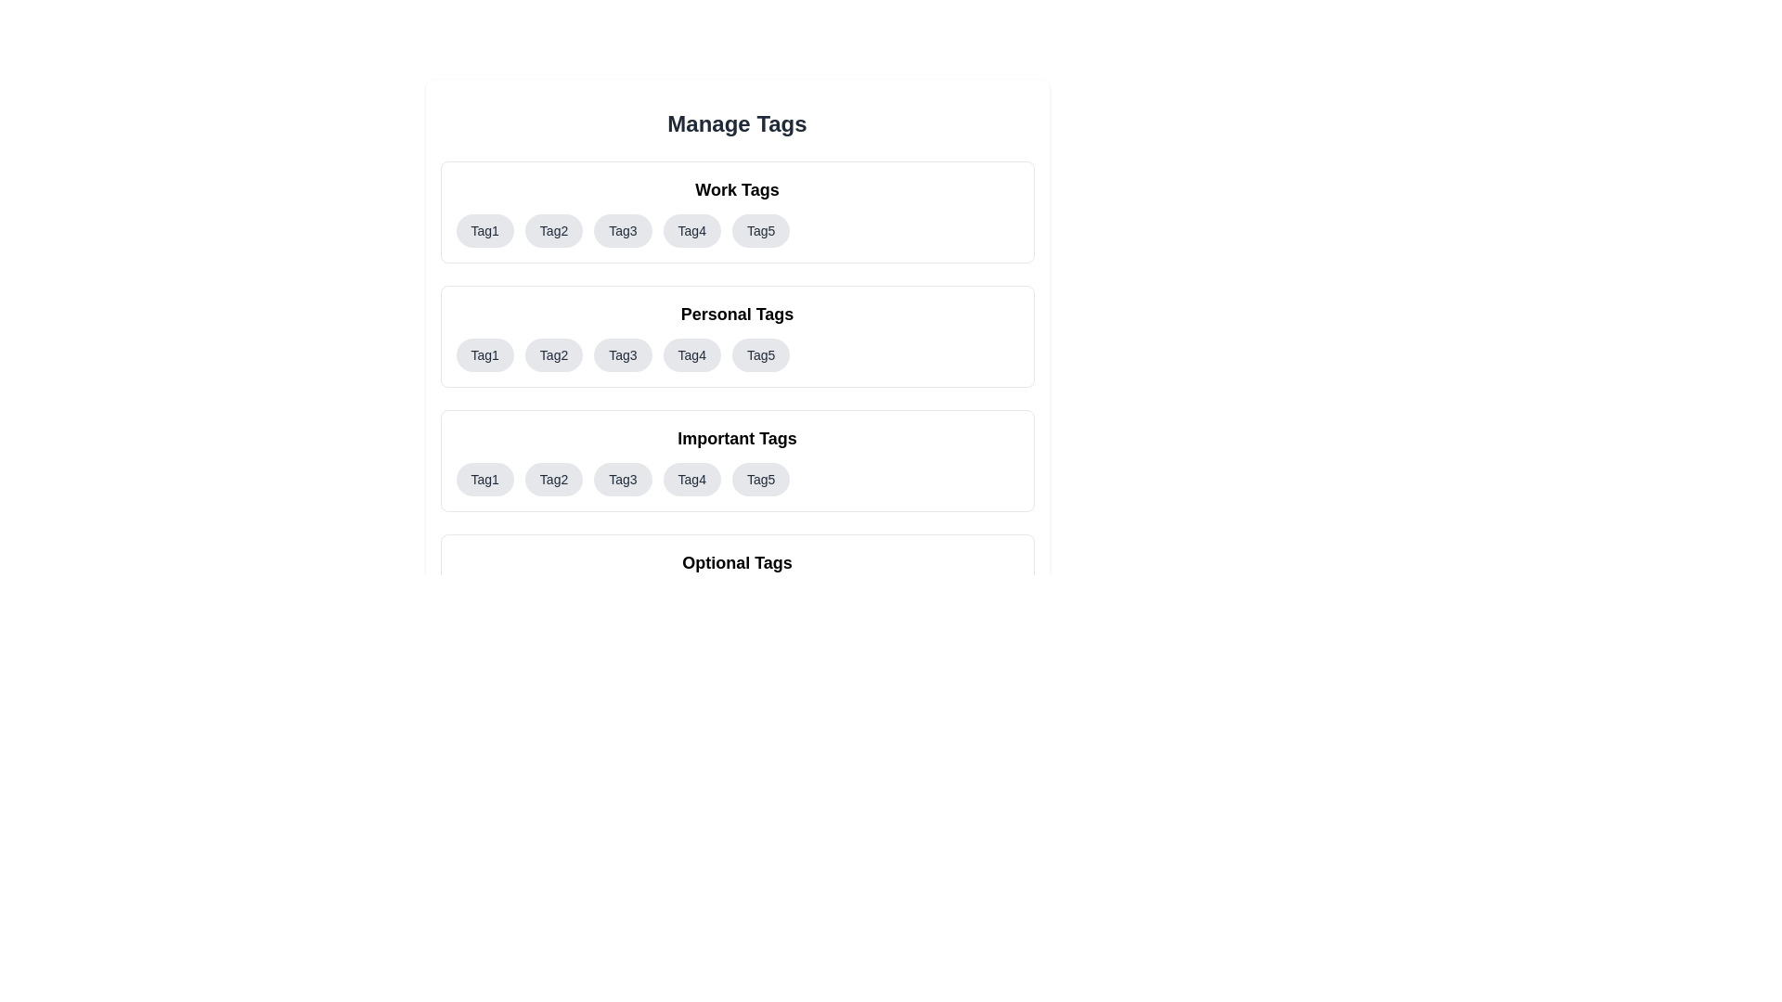 The image size is (1782, 1002). I want to click on each tag button from the horizontally arranged group of buttons or tags located in the 'Important Tags' section under the 'Manage Tags' heading, so click(736, 478).